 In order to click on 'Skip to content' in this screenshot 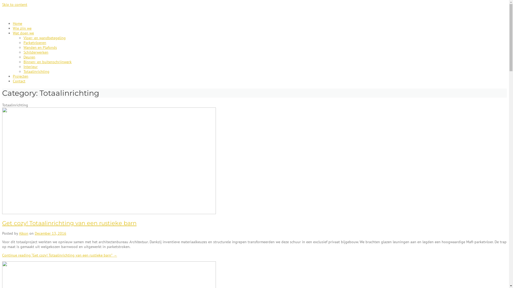, I will do `click(2, 4)`.